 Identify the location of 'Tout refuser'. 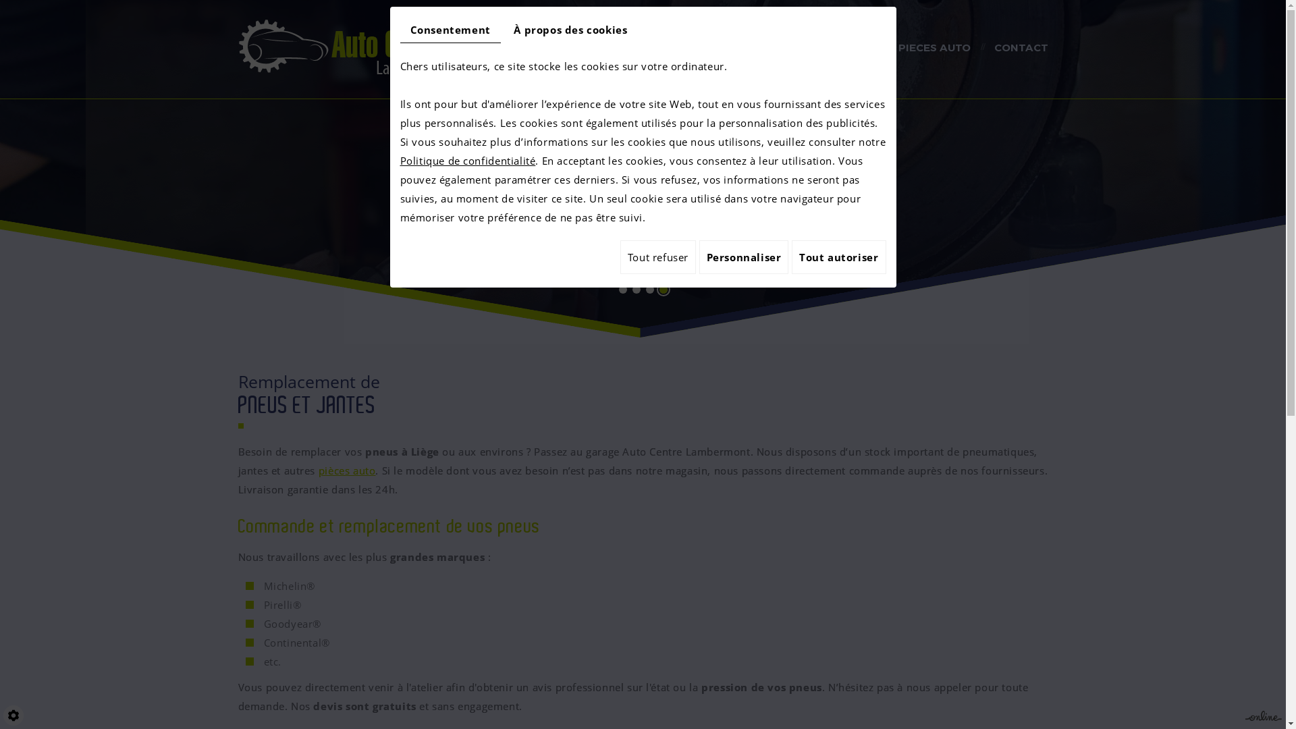
(657, 257).